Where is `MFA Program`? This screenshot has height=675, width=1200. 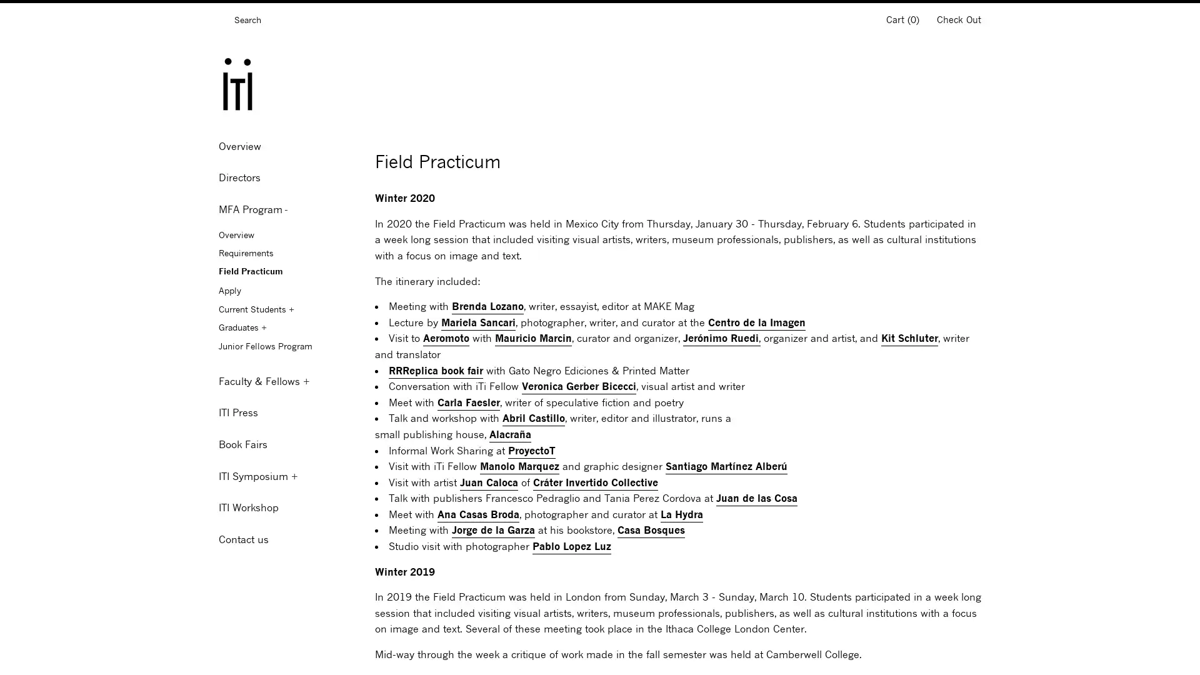
MFA Program is located at coordinates (287, 209).